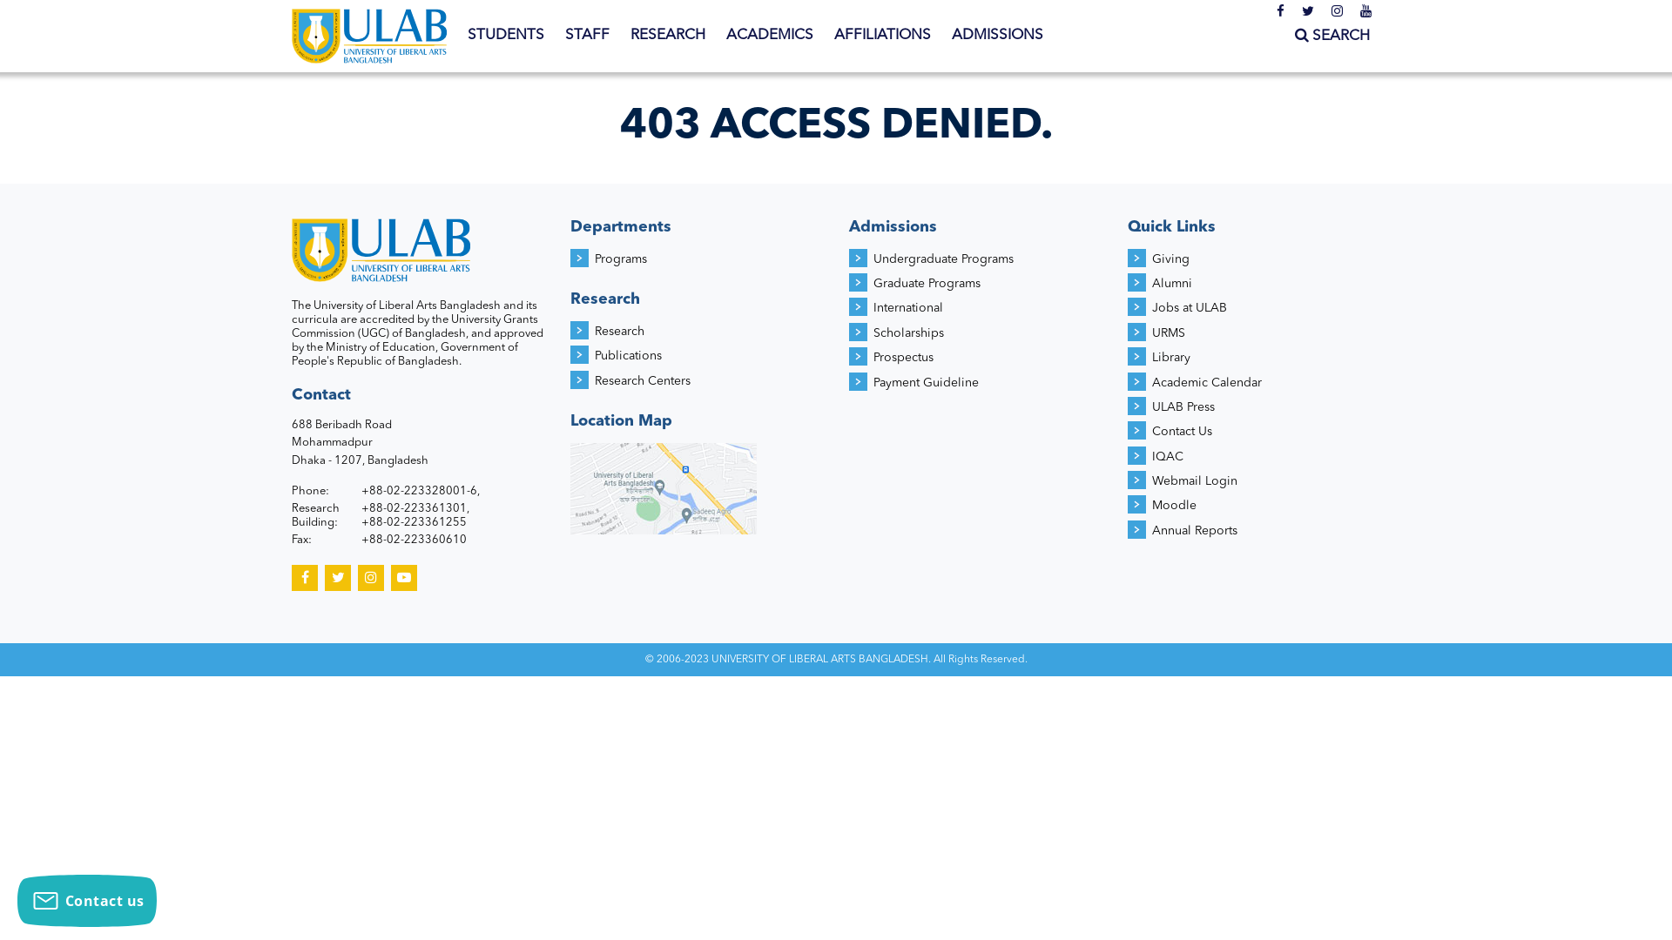  What do you see at coordinates (642, 380) in the screenshot?
I see `'Research Centers'` at bounding box center [642, 380].